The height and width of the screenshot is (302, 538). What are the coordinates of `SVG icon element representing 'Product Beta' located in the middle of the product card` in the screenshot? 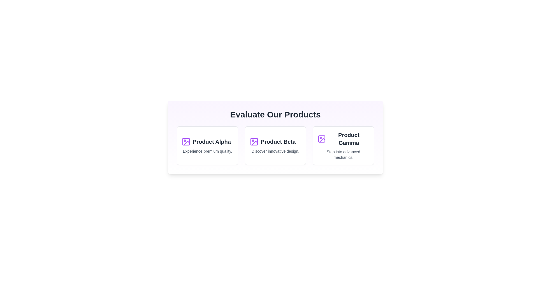 It's located at (254, 143).